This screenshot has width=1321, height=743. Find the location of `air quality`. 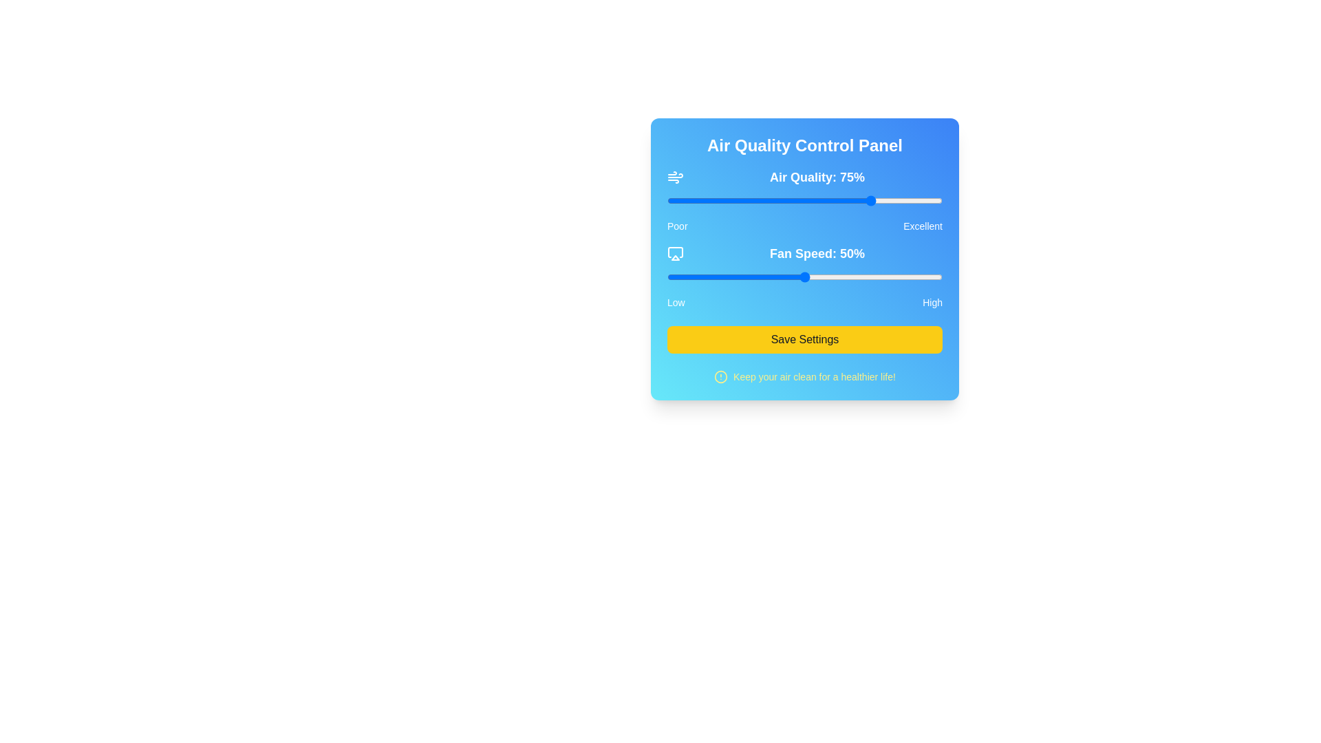

air quality is located at coordinates (706, 201).